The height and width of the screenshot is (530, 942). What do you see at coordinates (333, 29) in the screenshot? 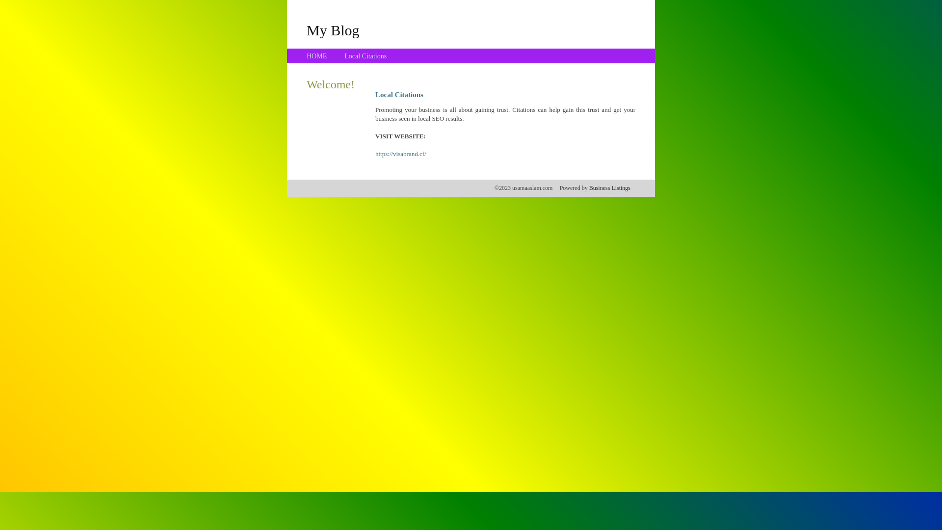
I see `'My Blog'` at bounding box center [333, 29].